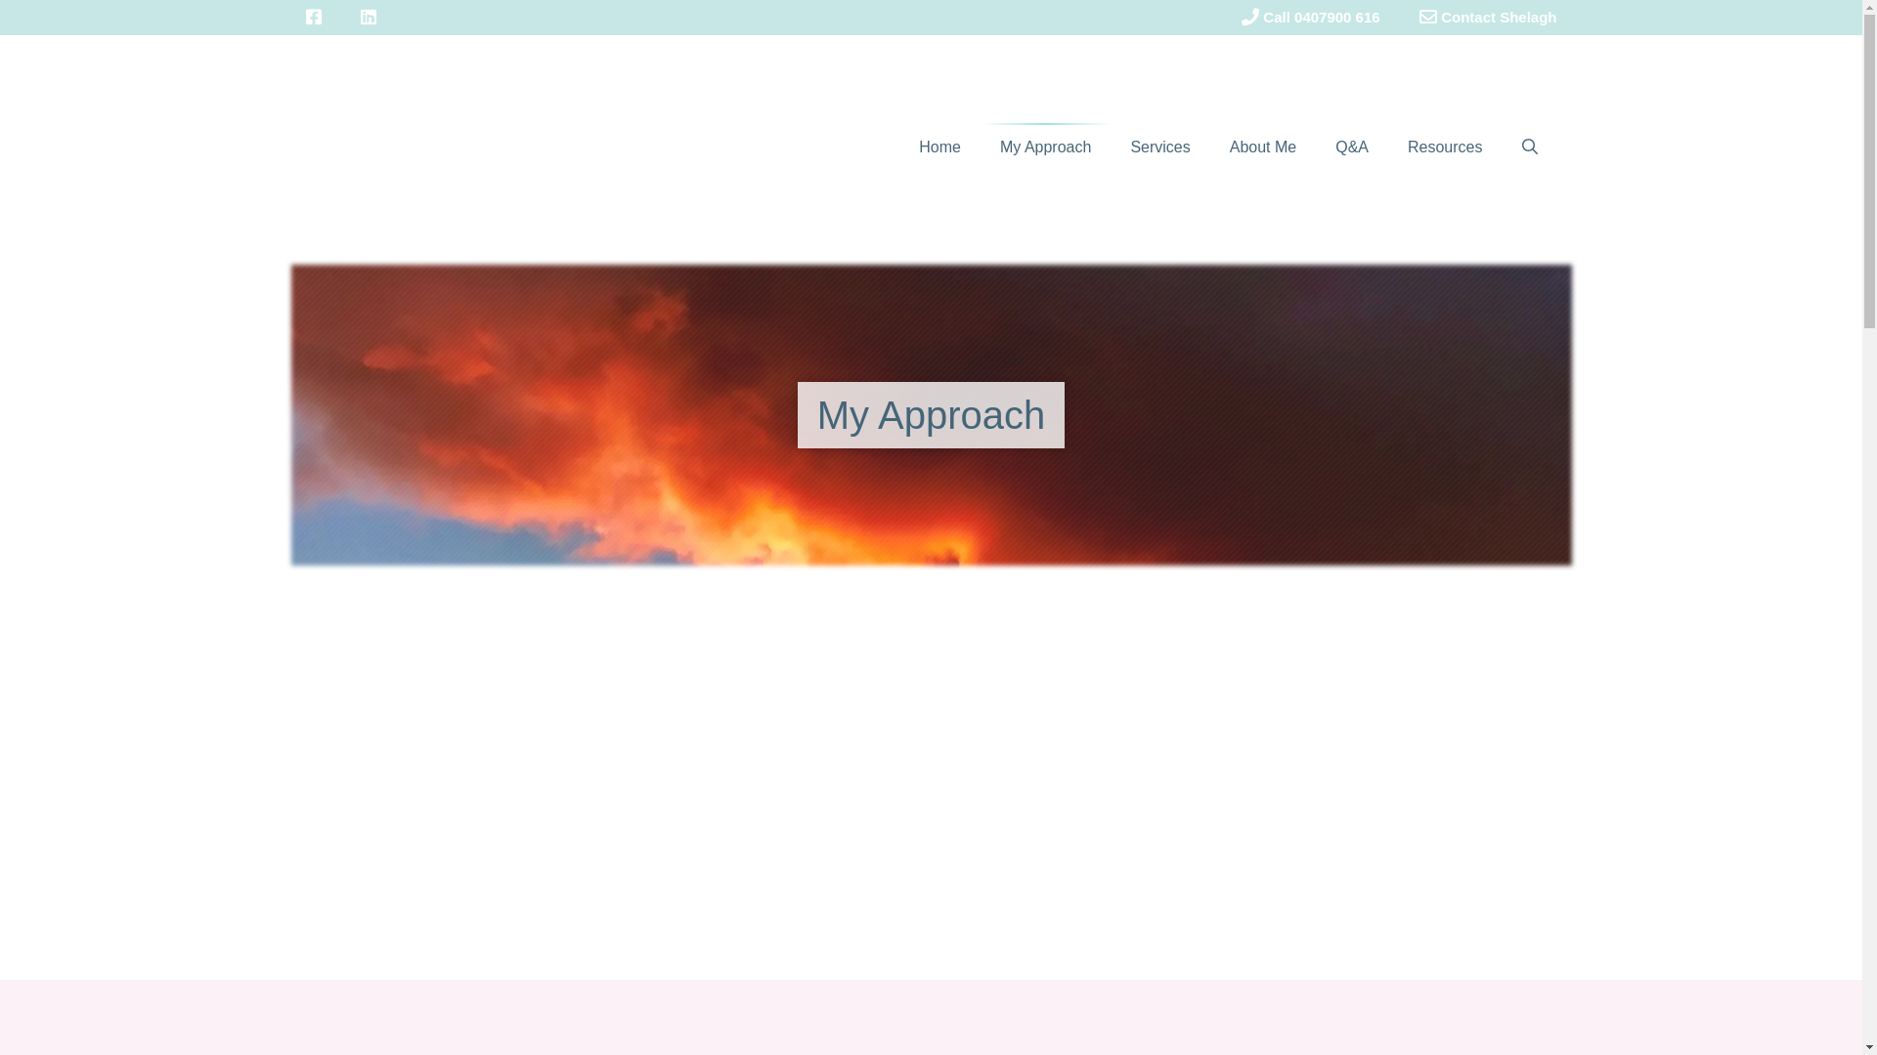 The width and height of the screenshot is (1877, 1055). Describe the element at coordinates (1262, 146) in the screenshot. I see `'About Me'` at that location.